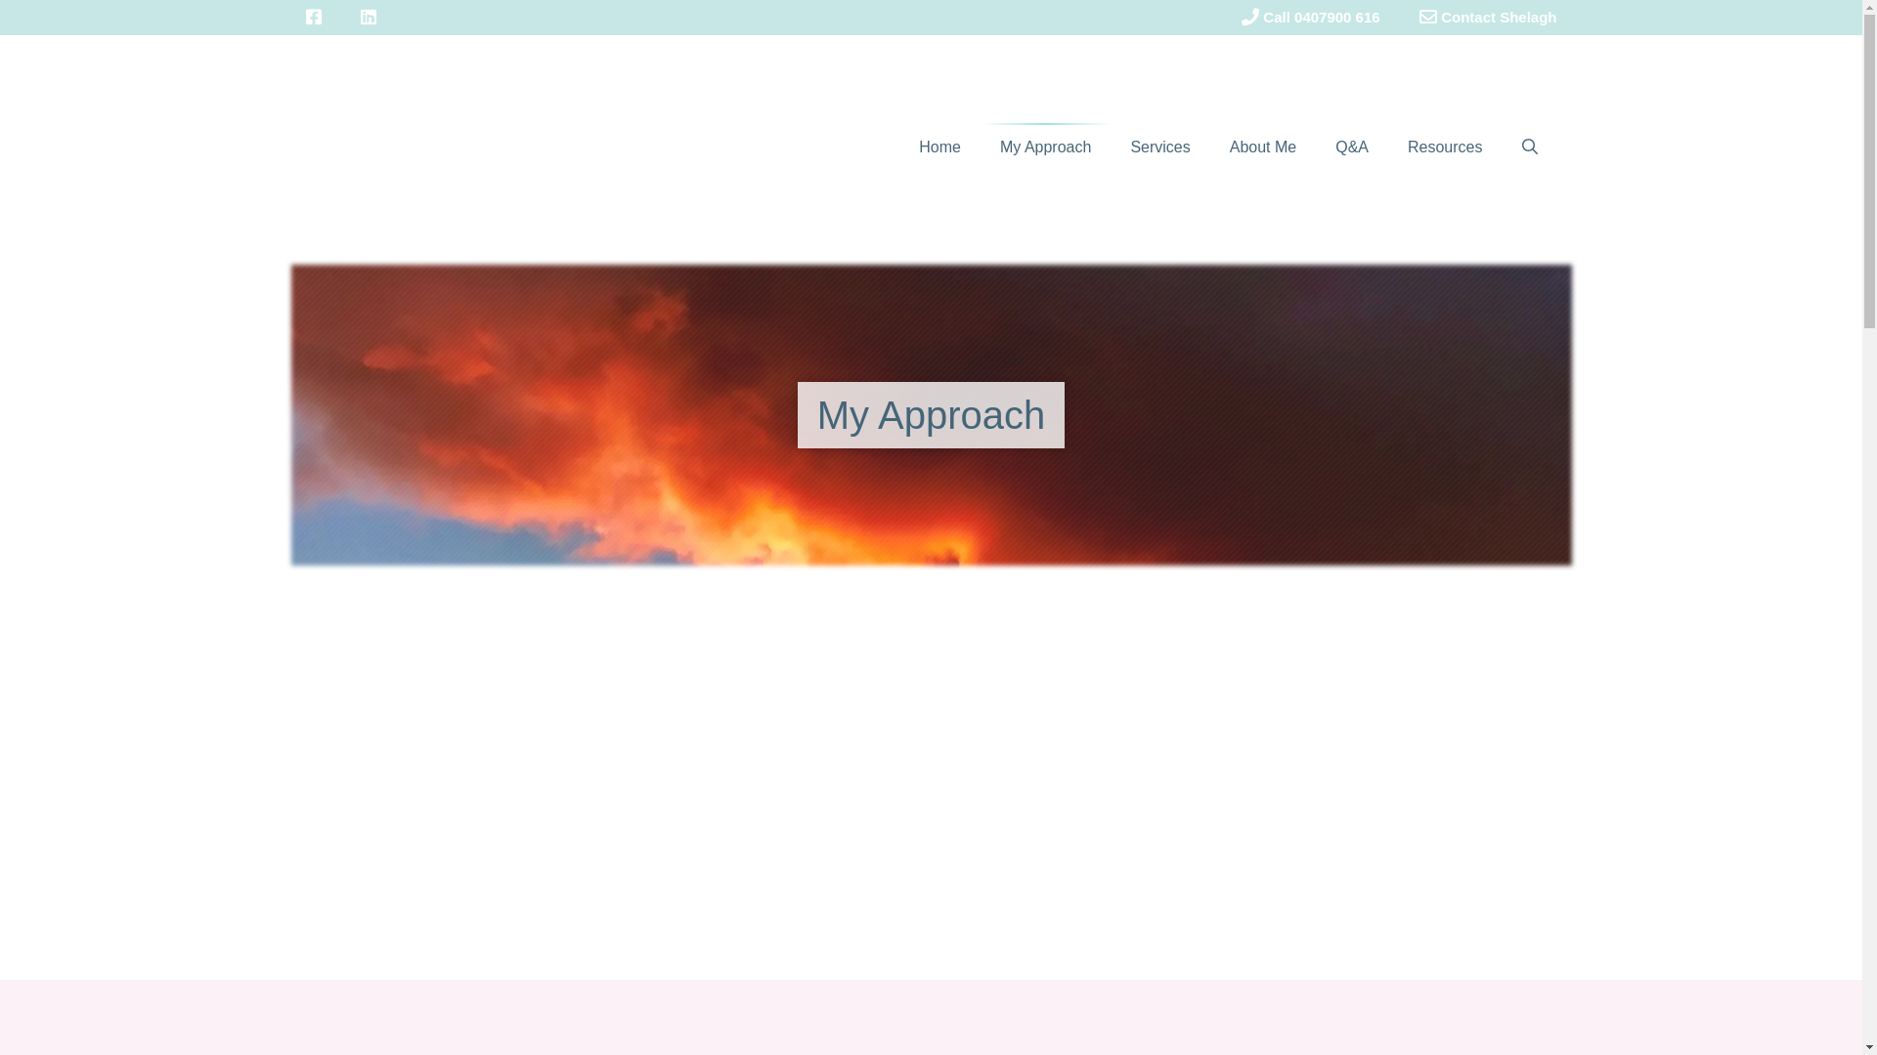 The width and height of the screenshot is (1877, 1055). Describe the element at coordinates (1262, 146) in the screenshot. I see `'About Me'` at that location.